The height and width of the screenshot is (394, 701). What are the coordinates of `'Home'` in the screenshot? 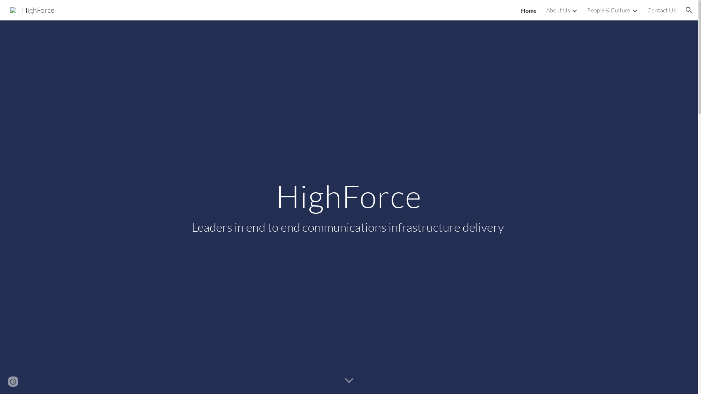 It's located at (529, 10).